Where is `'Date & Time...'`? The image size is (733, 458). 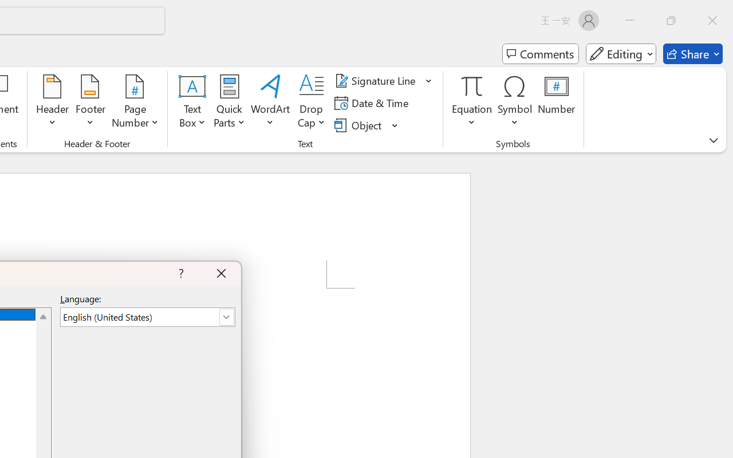 'Date & Time...' is located at coordinates (373, 102).